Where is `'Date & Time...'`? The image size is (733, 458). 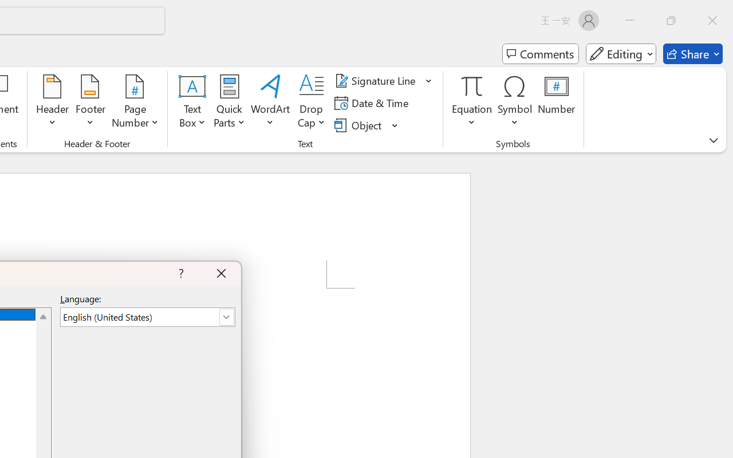 'Date & Time...' is located at coordinates (373, 102).